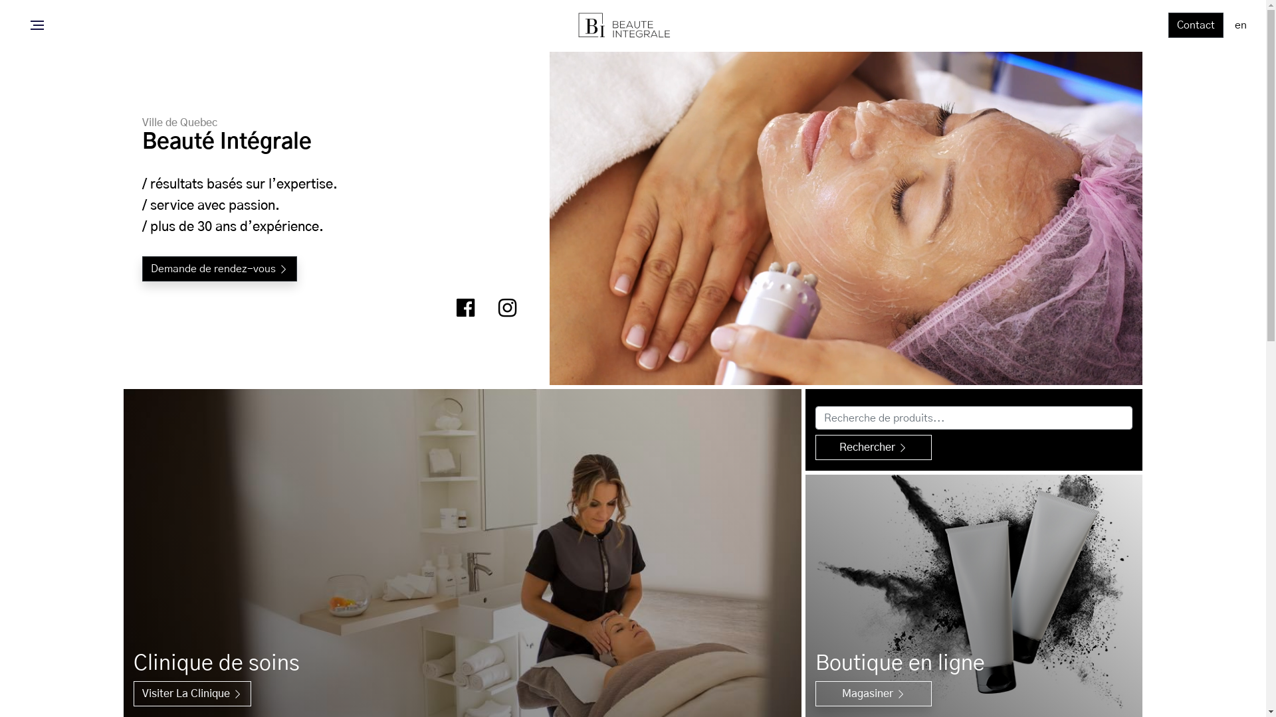 The width and height of the screenshot is (1276, 717). What do you see at coordinates (26, 25) in the screenshot?
I see `'Menu'` at bounding box center [26, 25].